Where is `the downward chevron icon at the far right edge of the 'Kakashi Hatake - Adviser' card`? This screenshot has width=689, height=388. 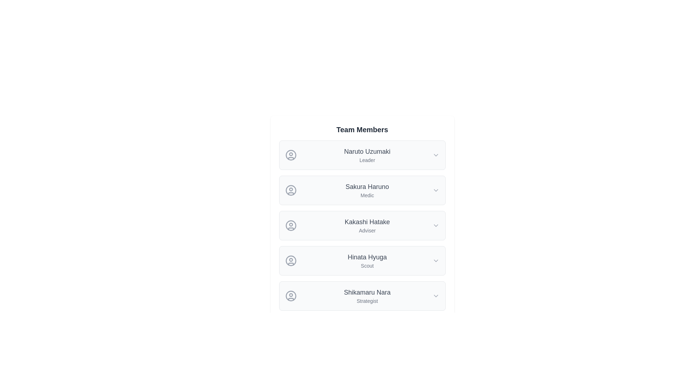 the downward chevron icon at the far right edge of the 'Kakashi Hatake - Adviser' card is located at coordinates (435, 225).